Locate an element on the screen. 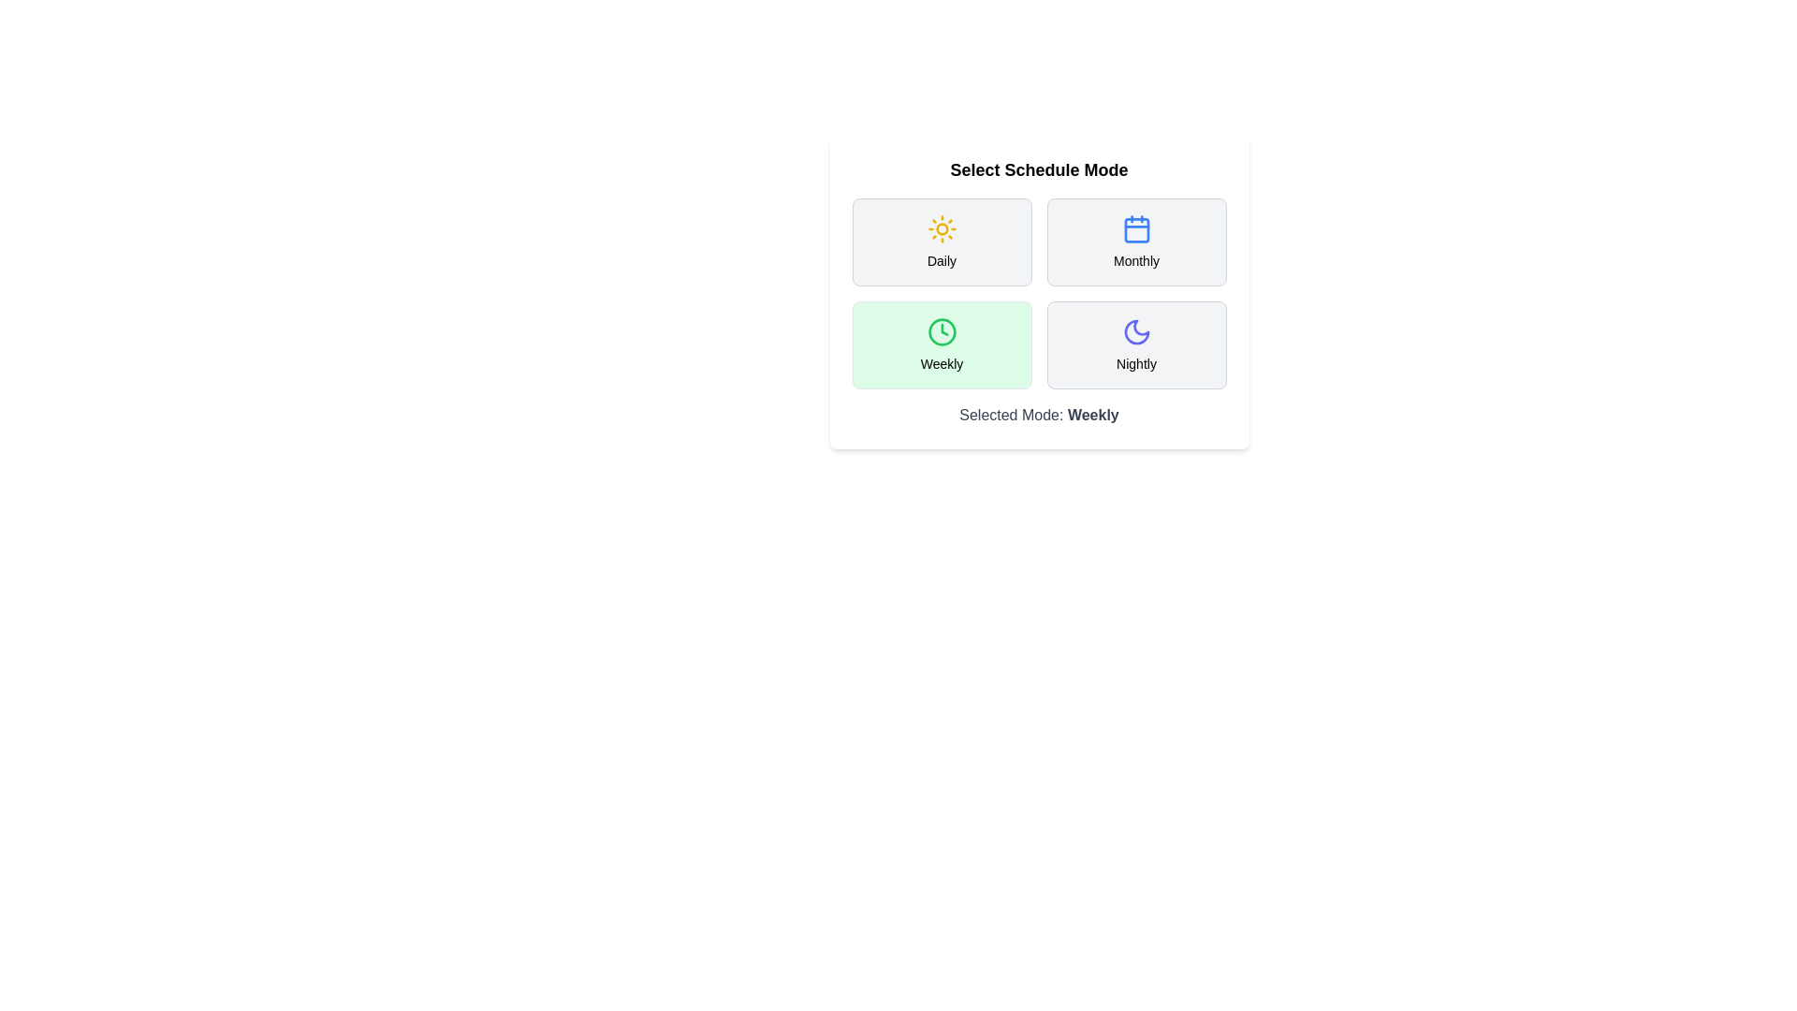 This screenshot has height=1011, width=1797. the mode button for Monthly is located at coordinates (1135, 241).